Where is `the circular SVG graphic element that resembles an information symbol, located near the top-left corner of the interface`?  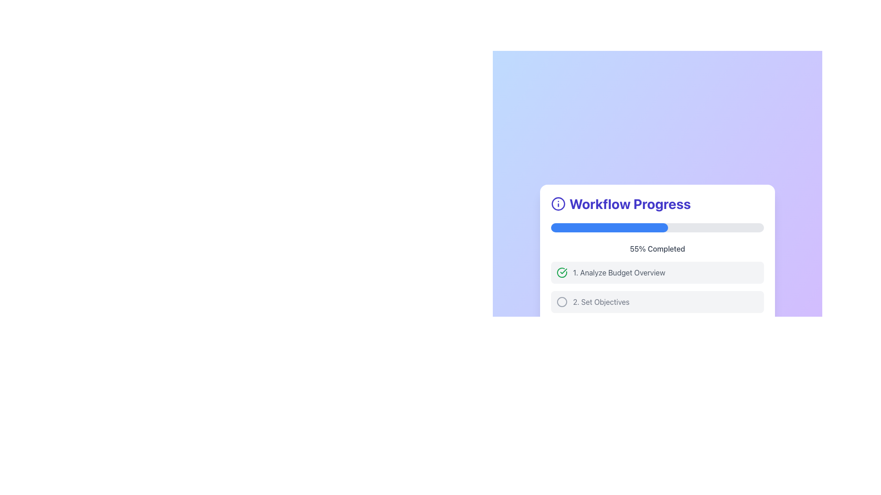 the circular SVG graphic element that resembles an information symbol, located near the top-left corner of the interface is located at coordinates (558, 203).